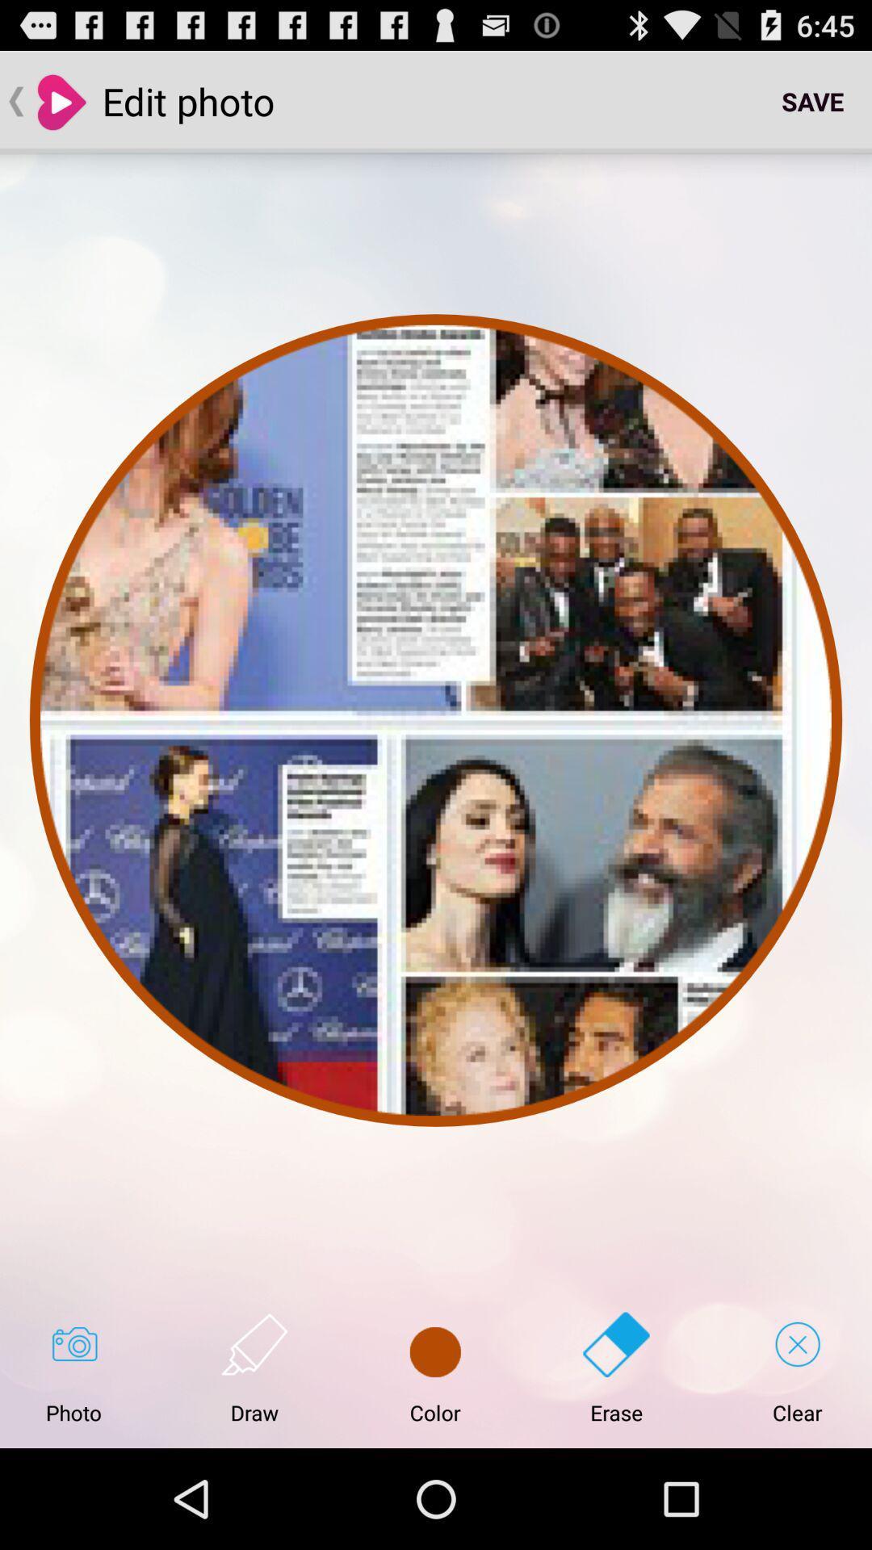 The image size is (872, 1550). I want to click on draw button, so click(254, 1368).